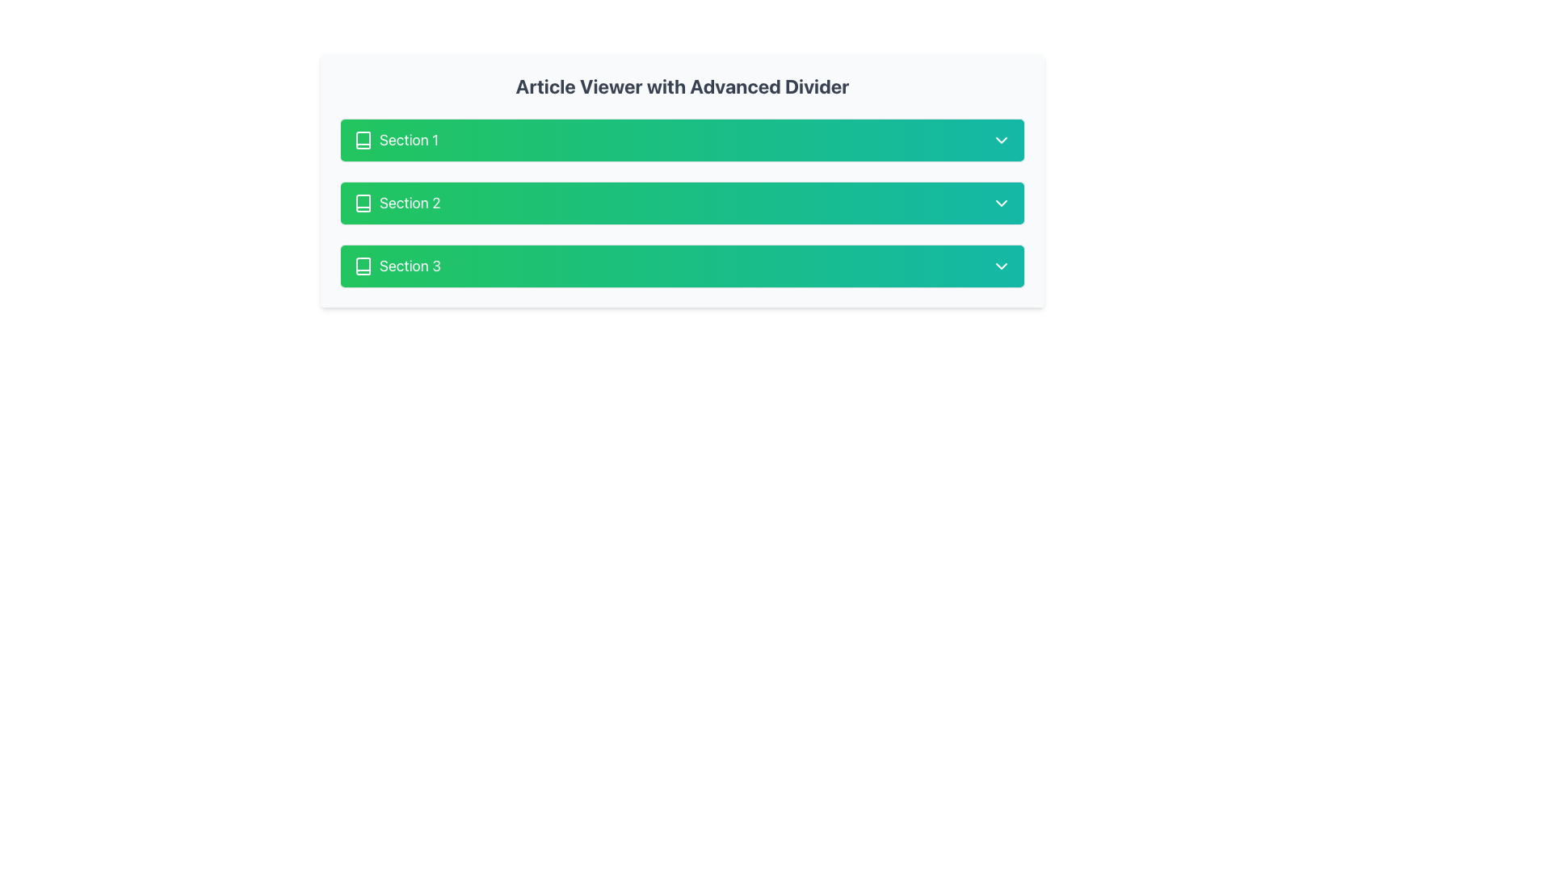  Describe the element at coordinates (1000, 139) in the screenshot. I see `the downward-pointing chevron icon located at the far right of the 'Section 1' button, which has a white color and a green-to-teal gradient background` at that location.